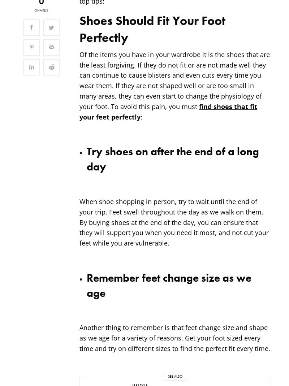 Image resolution: width=289 pixels, height=386 pixels. I want to click on 'find shoes that fit your feet perfectly', so click(168, 111).